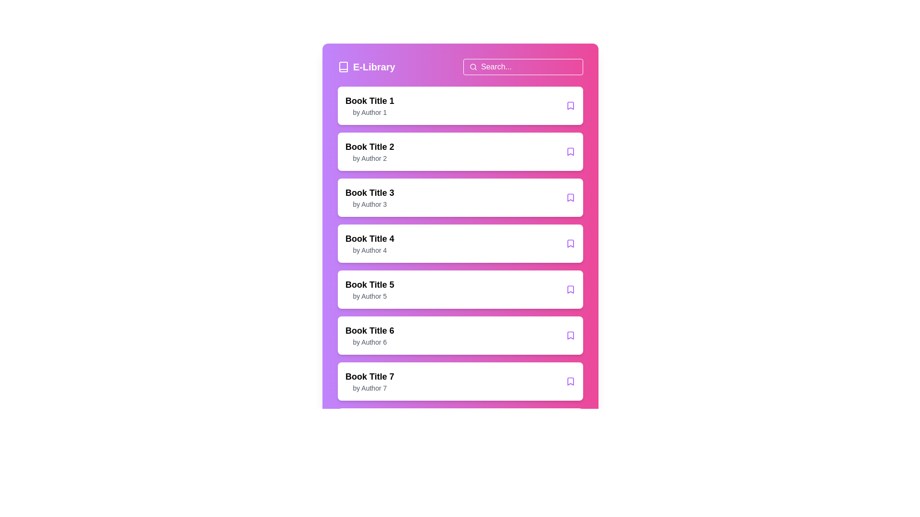 The image size is (920, 517). What do you see at coordinates (570, 381) in the screenshot?
I see `the purple bookmark icon representing the bookmark action for 'Book Title 7 by Author 7'` at bounding box center [570, 381].